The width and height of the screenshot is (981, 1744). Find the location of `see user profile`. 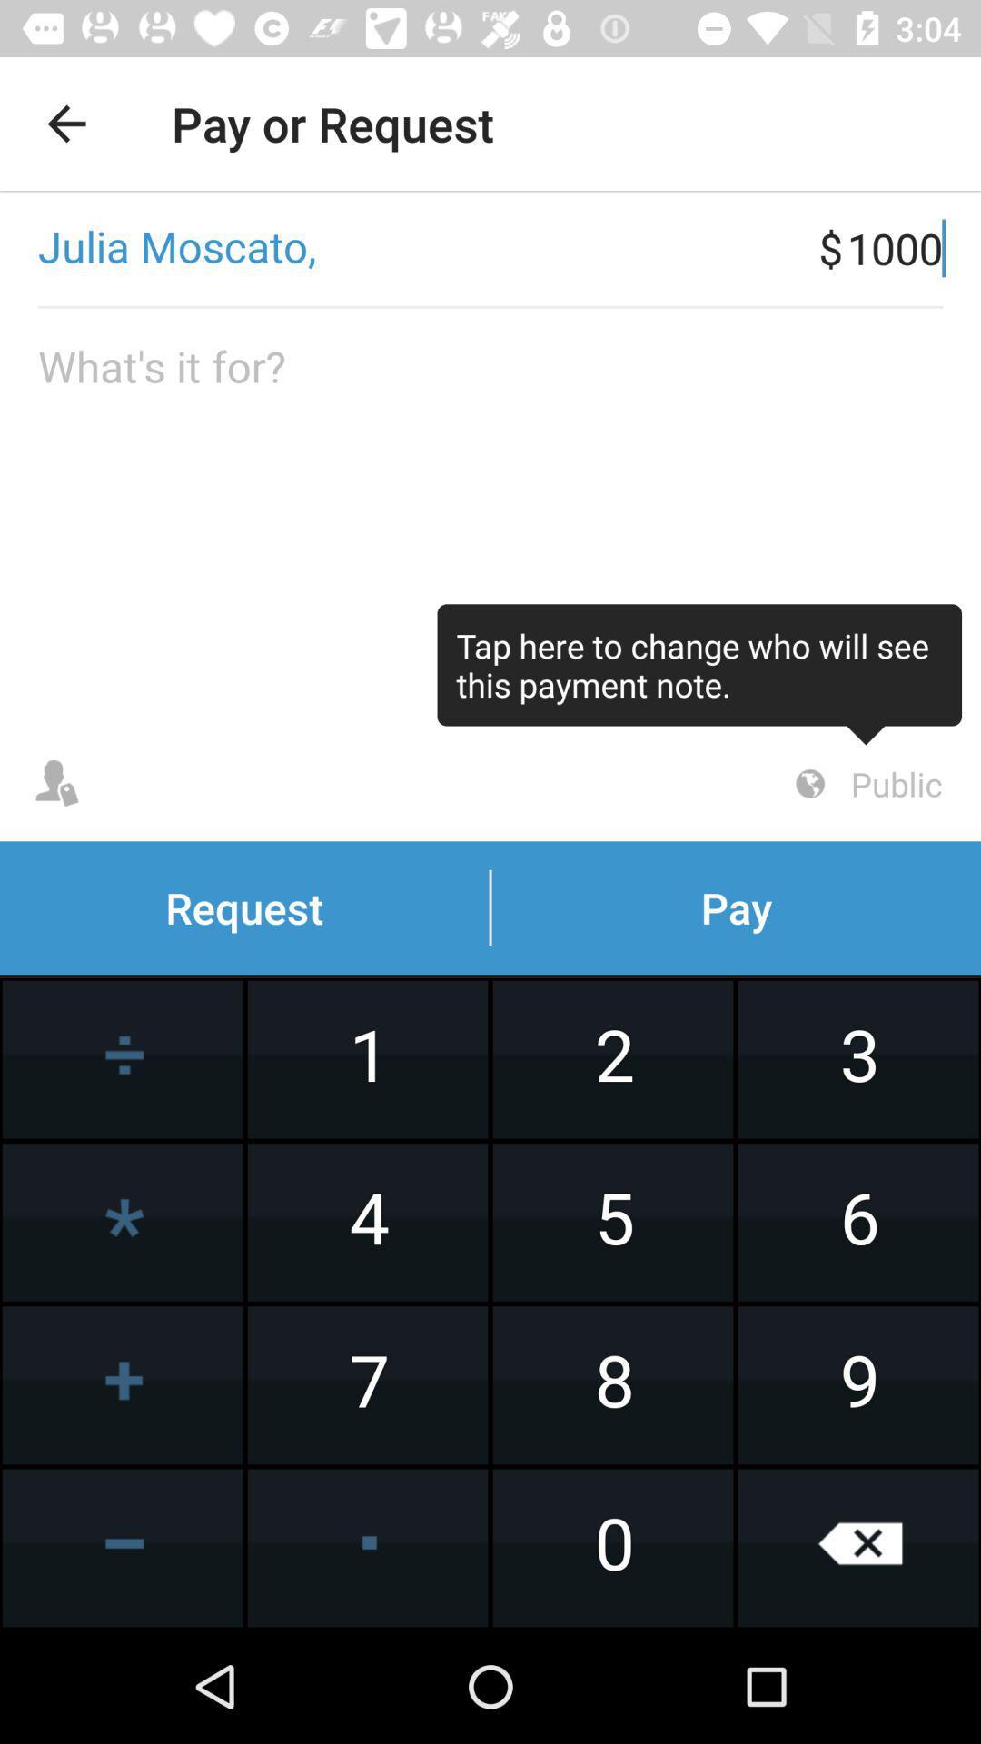

see user profile is located at coordinates (55, 784).